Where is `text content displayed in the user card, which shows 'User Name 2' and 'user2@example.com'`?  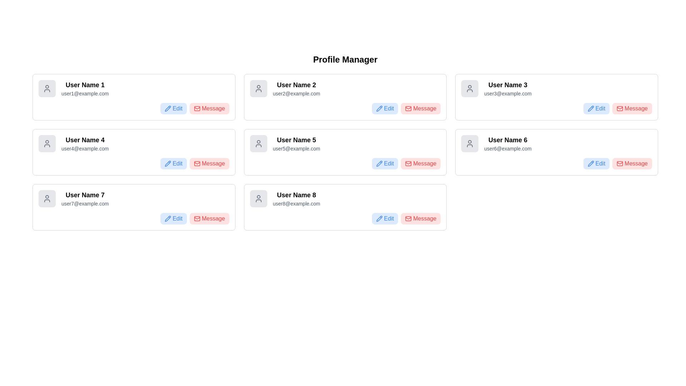
text content displayed in the user card, which shows 'User Name 2' and 'user2@example.com' is located at coordinates (296, 88).